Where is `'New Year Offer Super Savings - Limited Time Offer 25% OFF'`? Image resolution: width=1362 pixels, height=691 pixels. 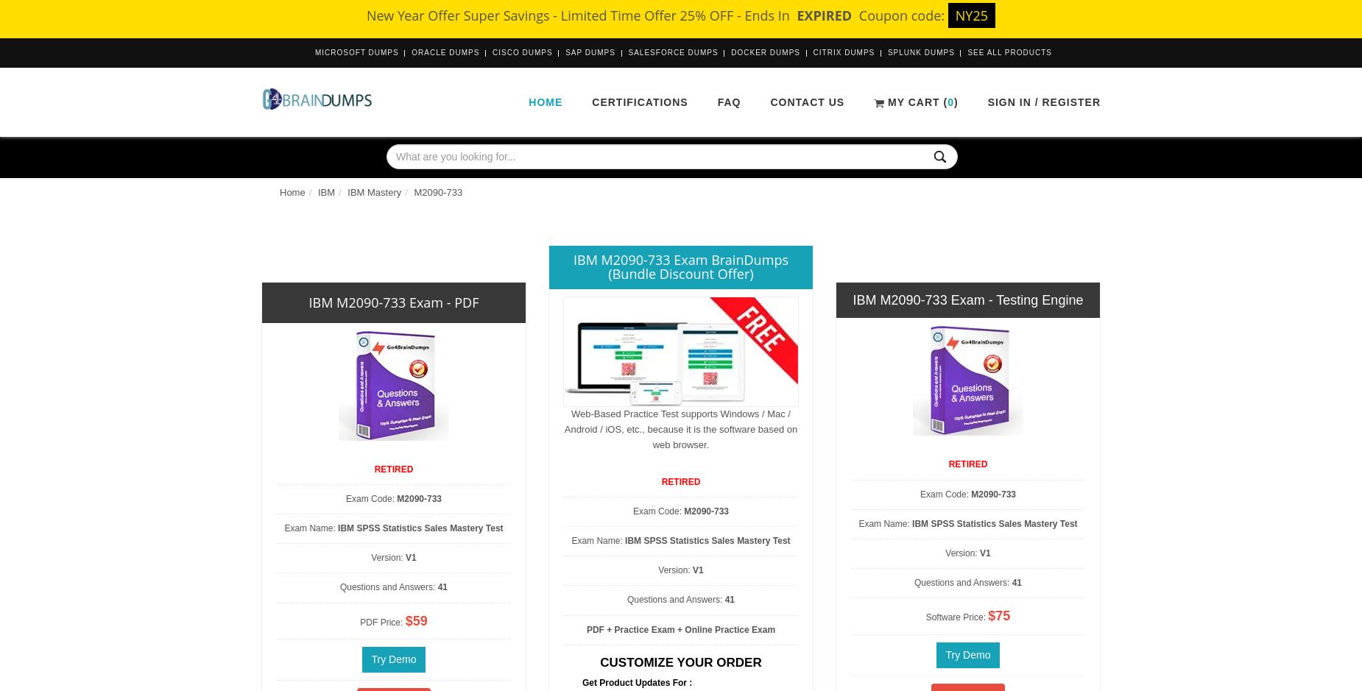 'New Year Offer Super Savings - Limited Time Offer 25% OFF' is located at coordinates (550, 15).